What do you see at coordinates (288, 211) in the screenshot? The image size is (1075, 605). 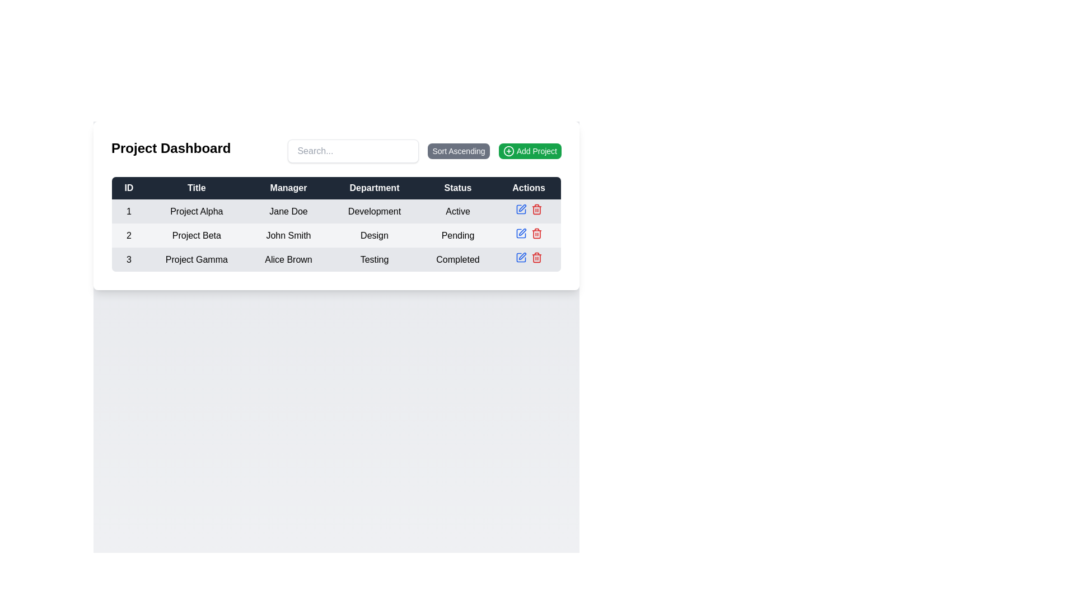 I see `the 'Jane Doe' text label, which is displayed in black on a medium-gray background, located in the third column of the first row of a grid-like table` at bounding box center [288, 211].